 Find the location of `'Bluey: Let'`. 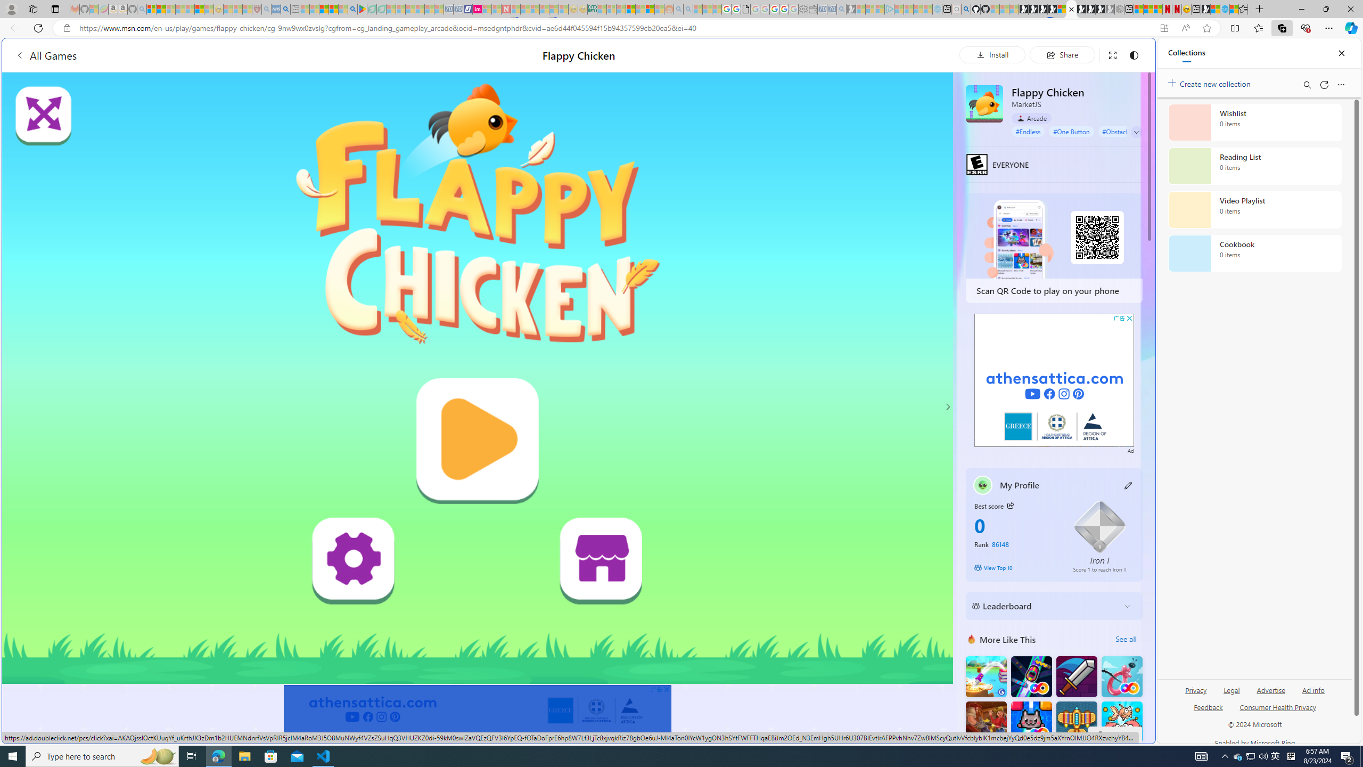

'Bluey: Let' is located at coordinates (362, 9).